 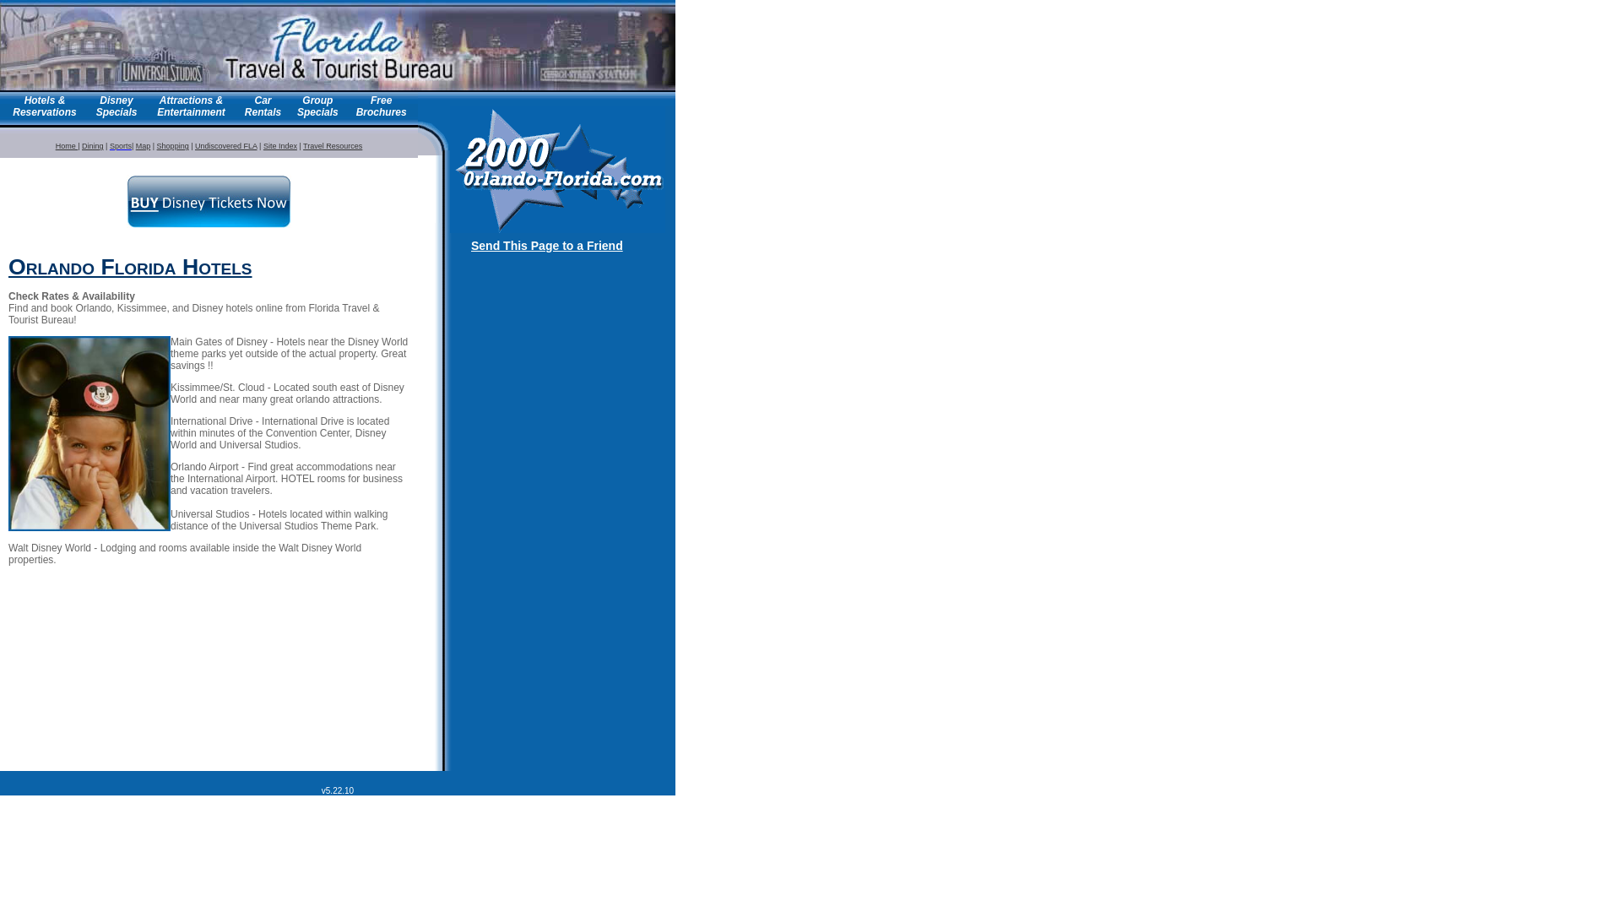 I want to click on 'Home', so click(x=56, y=145).